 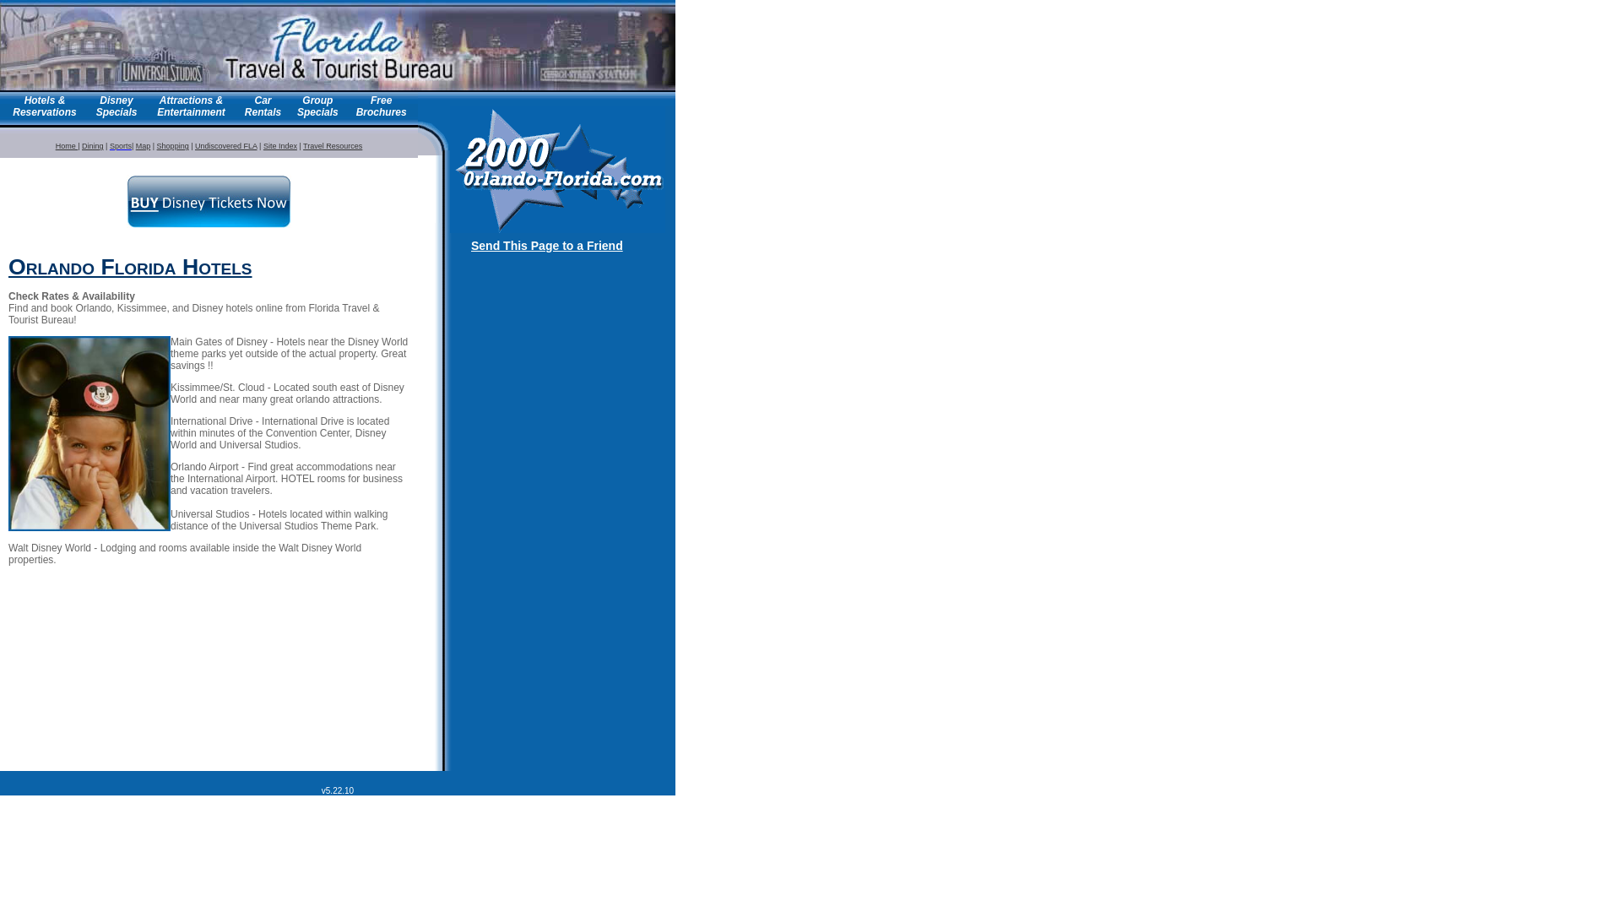 I want to click on 'Home', so click(x=56, y=145).